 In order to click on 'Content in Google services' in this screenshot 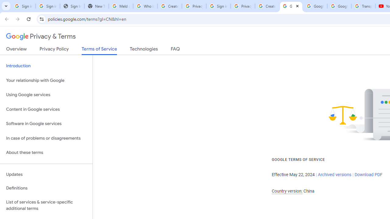, I will do `click(46, 109)`.